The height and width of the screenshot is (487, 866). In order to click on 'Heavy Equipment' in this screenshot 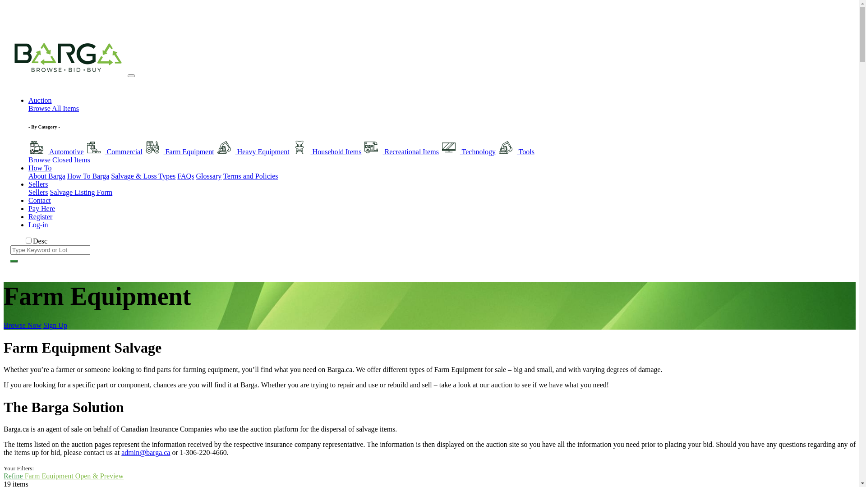, I will do `click(253, 151)`.